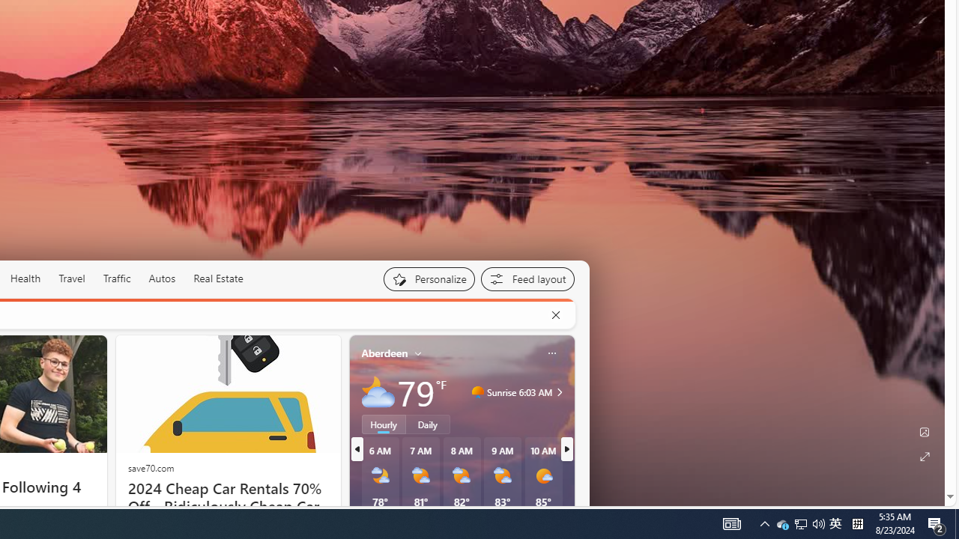  Describe the element at coordinates (356, 448) in the screenshot. I see `'previous'` at that location.